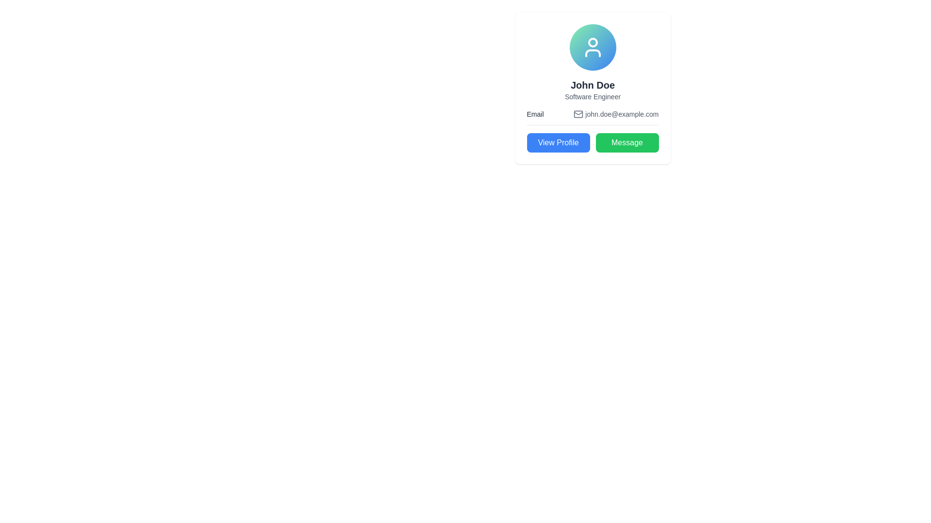  I want to click on the Text Label displaying 'John Doe', which is centered in the profile card and styled as a heading, so click(592, 85).